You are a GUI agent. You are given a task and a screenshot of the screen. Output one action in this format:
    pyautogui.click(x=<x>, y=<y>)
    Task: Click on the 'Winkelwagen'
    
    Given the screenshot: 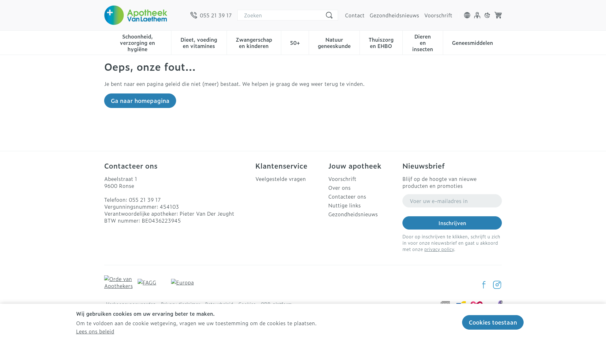 What is the action you would take?
    pyautogui.click(x=498, y=15)
    